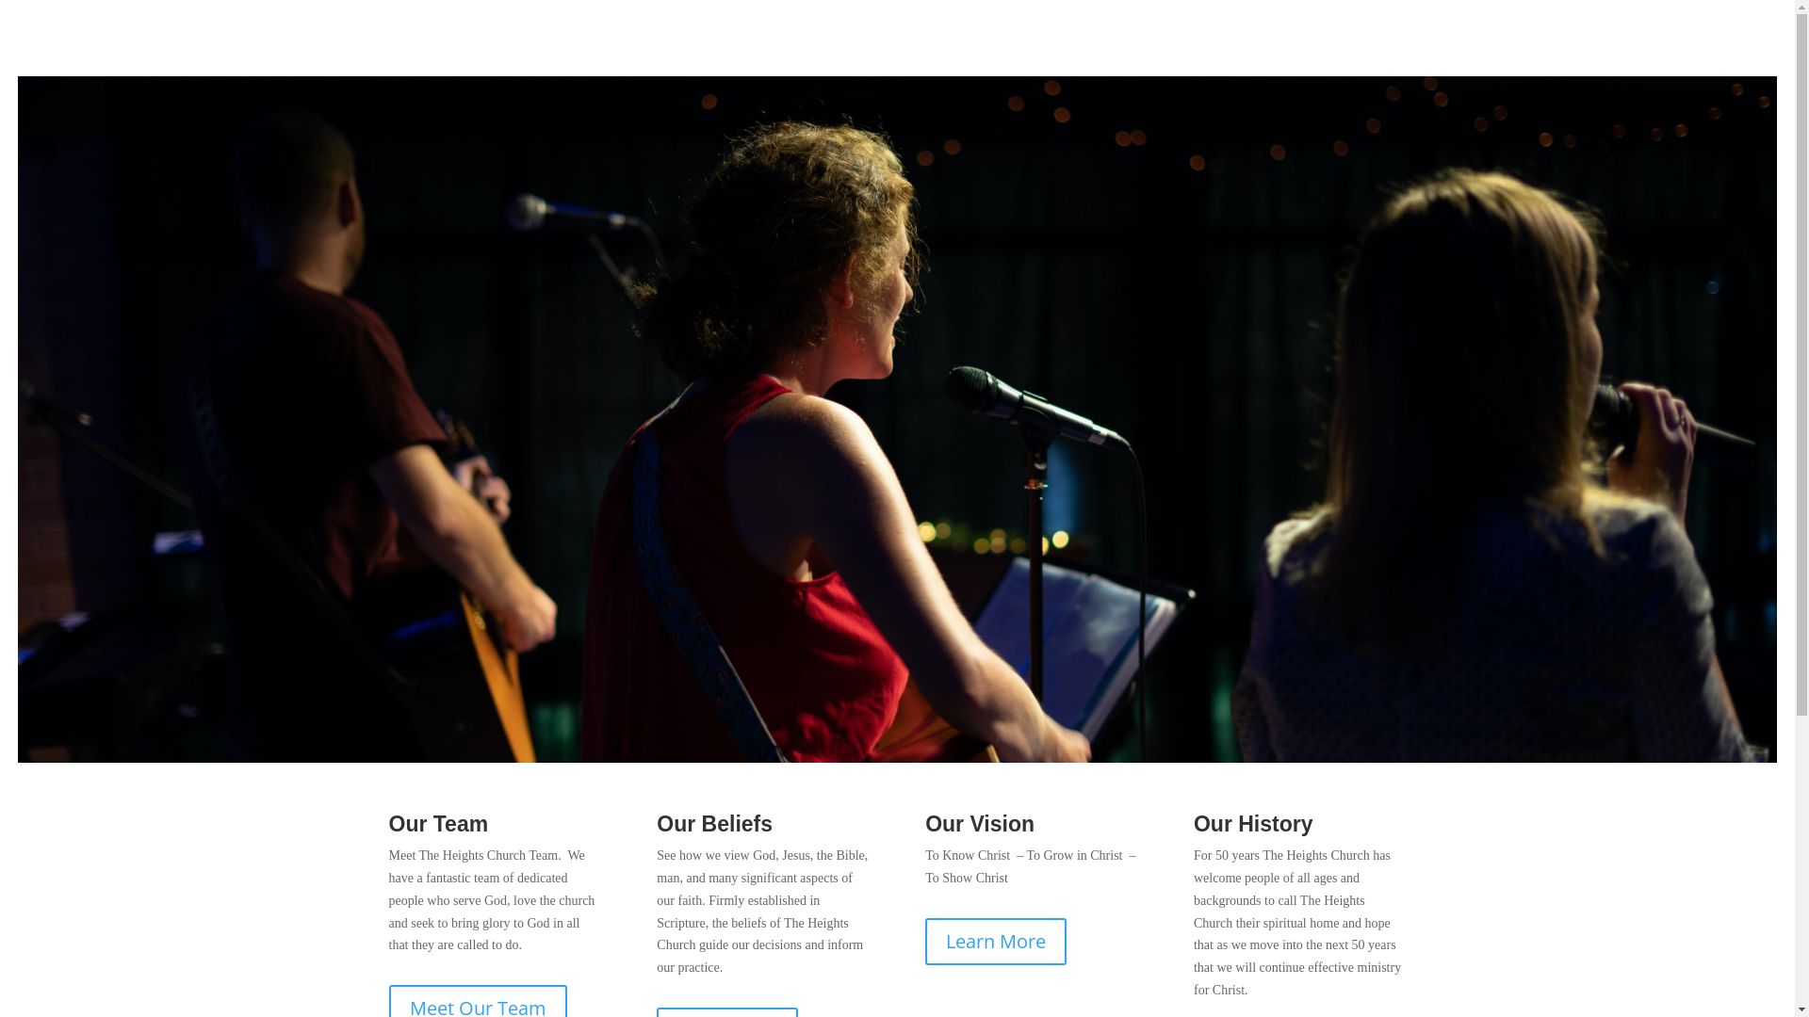  I want to click on 'Learn More', so click(994, 941).